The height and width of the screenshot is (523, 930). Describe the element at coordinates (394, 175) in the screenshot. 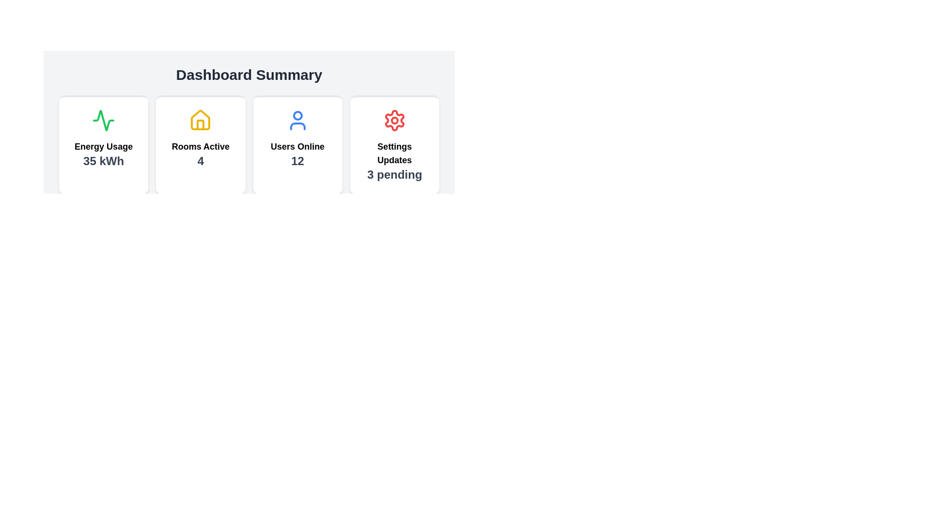

I see `numerical status displayed in the Text Label that indicates the count of pending updates associated with the settings, located within the 'Settings Updates' card` at that location.